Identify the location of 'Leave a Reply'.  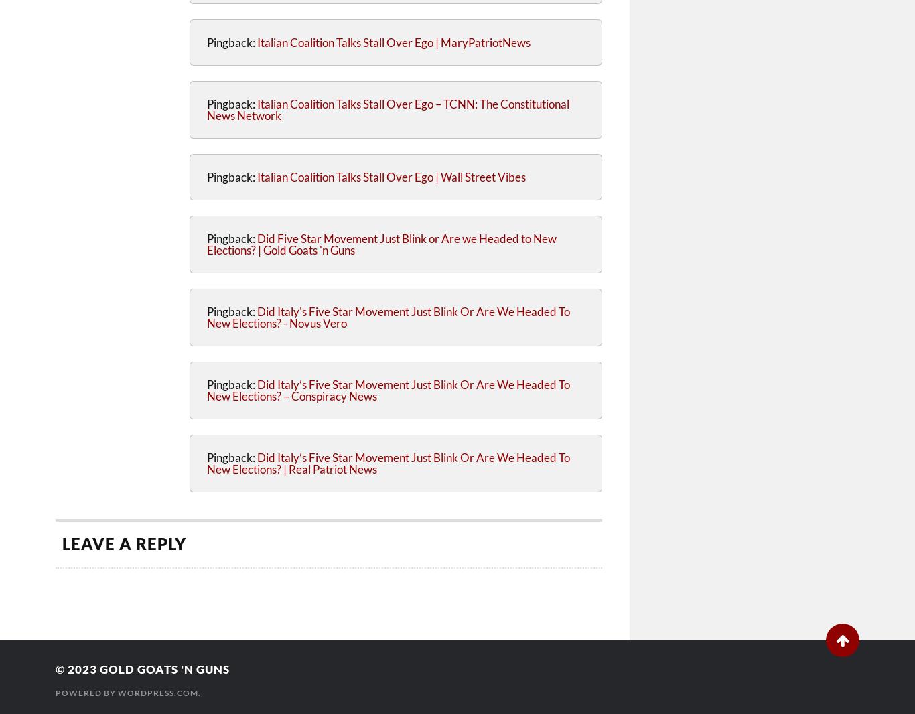
(62, 543).